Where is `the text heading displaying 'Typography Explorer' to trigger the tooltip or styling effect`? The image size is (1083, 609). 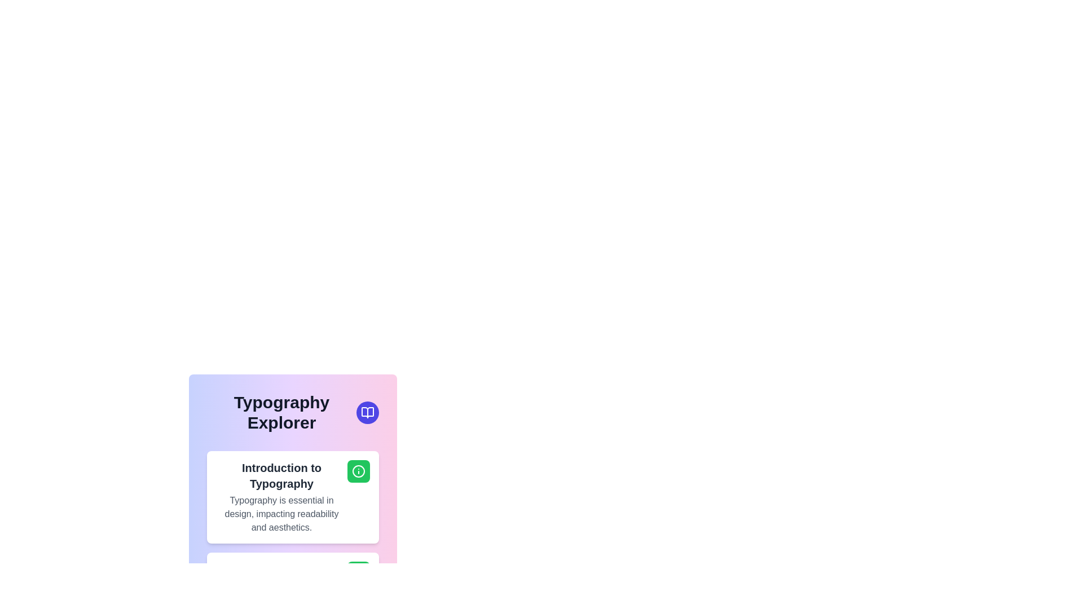
the text heading displaying 'Typography Explorer' to trigger the tooltip or styling effect is located at coordinates (281, 413).